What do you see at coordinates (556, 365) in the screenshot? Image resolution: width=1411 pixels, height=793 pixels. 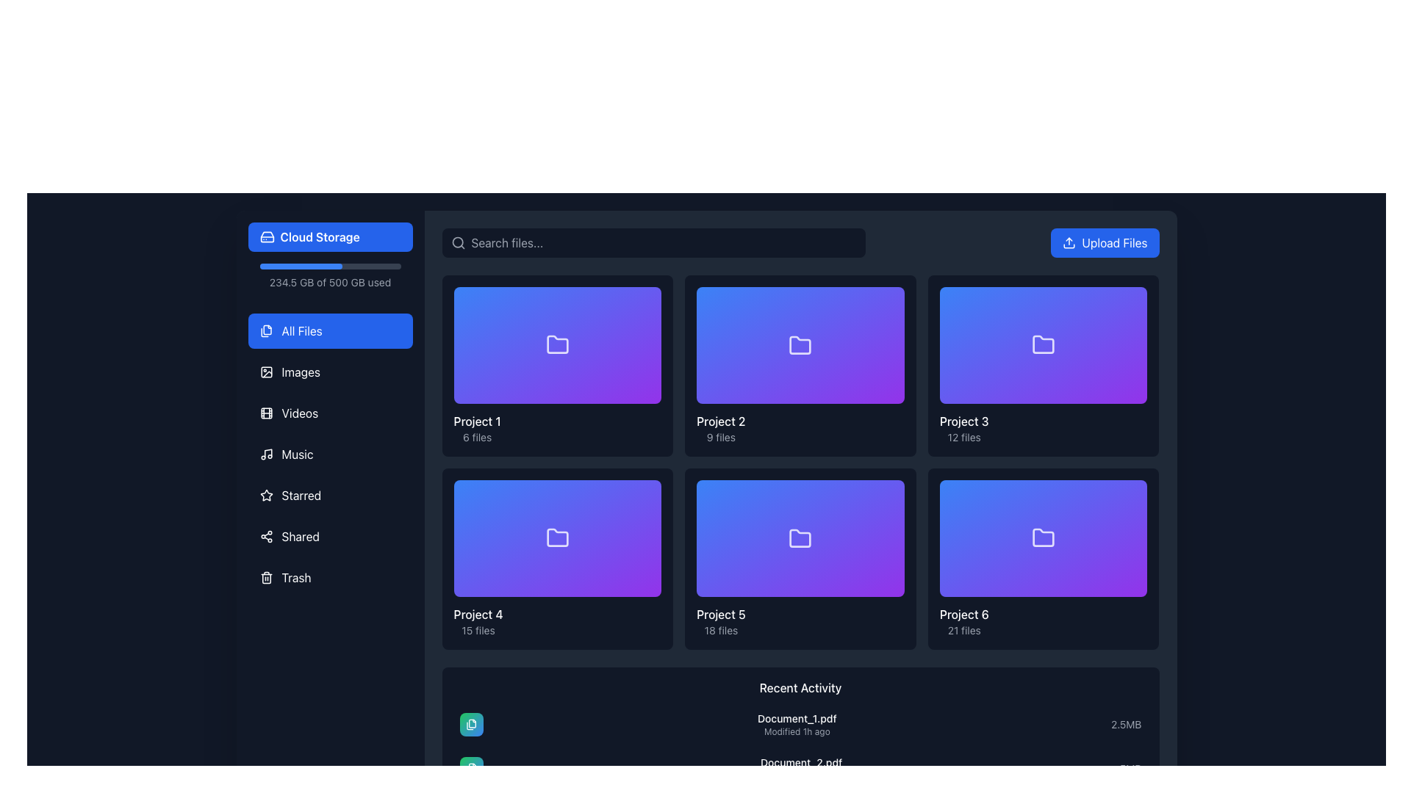 I see `the first project card in the grid layout` at bounding box center [556, 365].